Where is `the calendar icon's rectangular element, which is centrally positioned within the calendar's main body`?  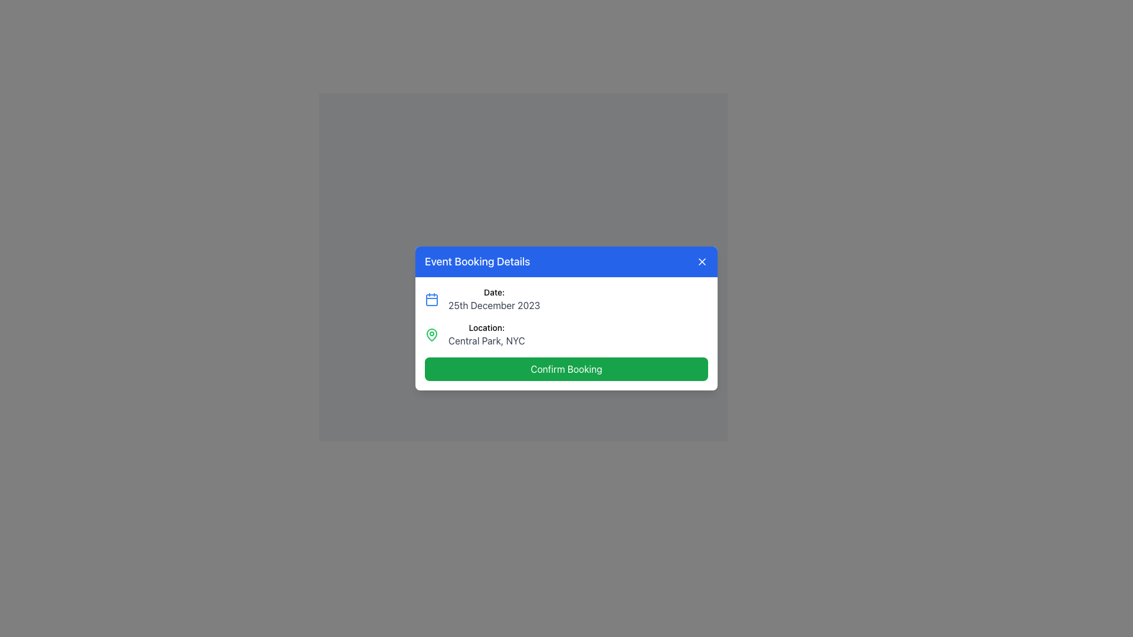
the calendar icon's rectangular element, which is centrally positioned within the calendar's main body is located at coordinates (431, 300).